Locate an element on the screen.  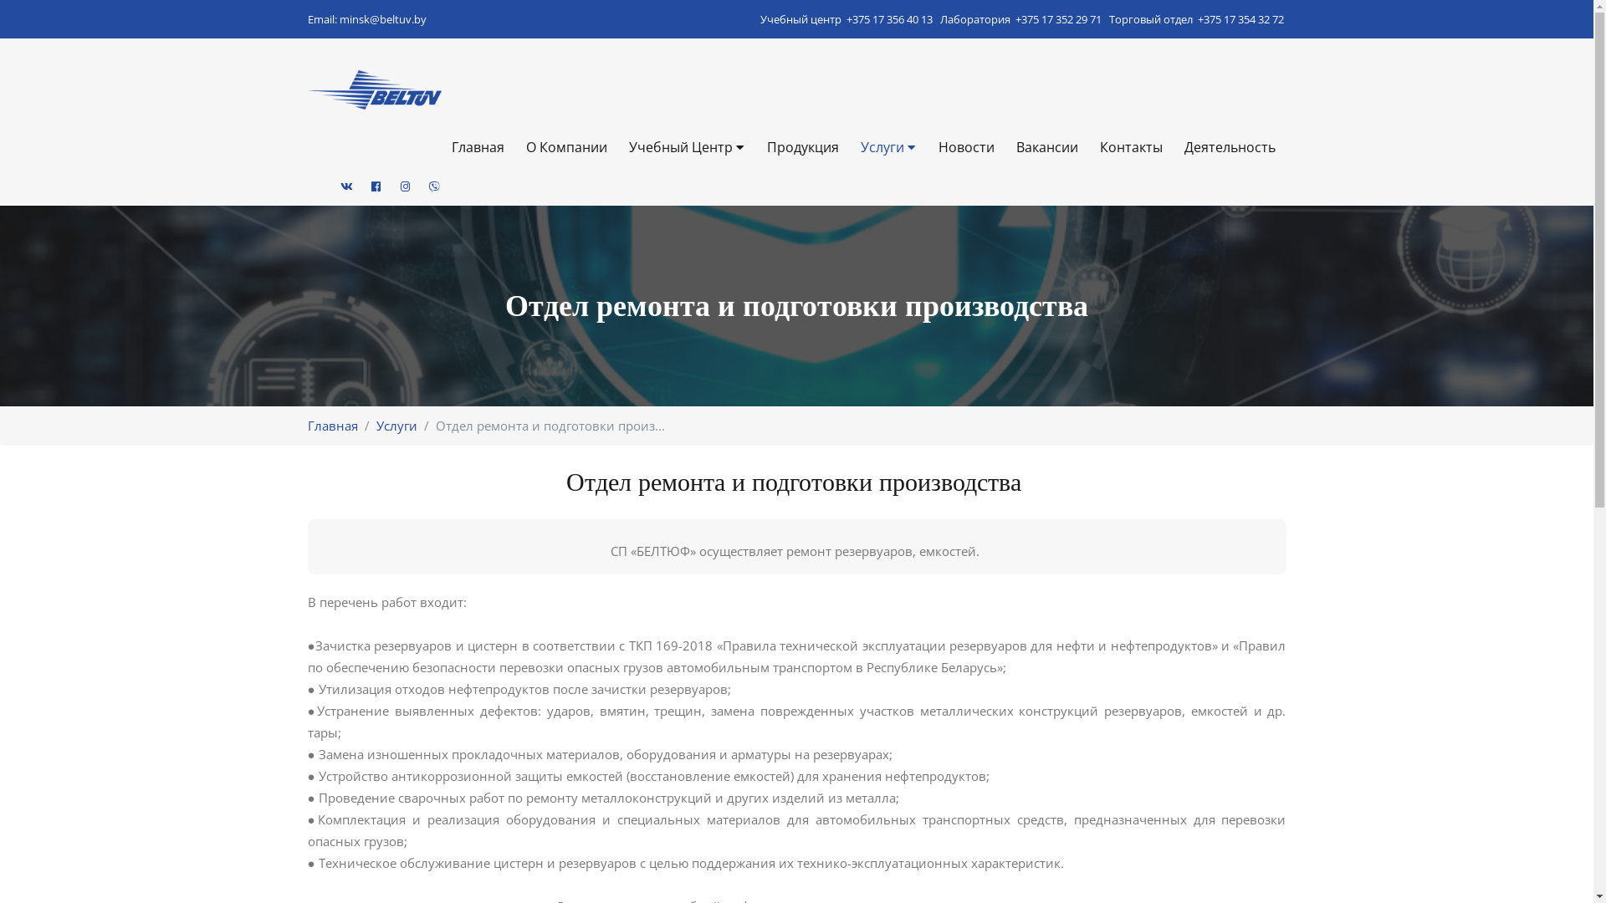
'+375 17 356 40 13' is located at coordinates (888, 19).